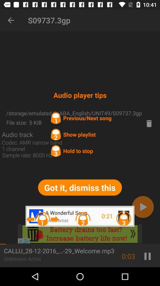 The height and width of the screenshot is (286, 160). I want to click on the icon above storage emulated 0 item, so click(11, 20).